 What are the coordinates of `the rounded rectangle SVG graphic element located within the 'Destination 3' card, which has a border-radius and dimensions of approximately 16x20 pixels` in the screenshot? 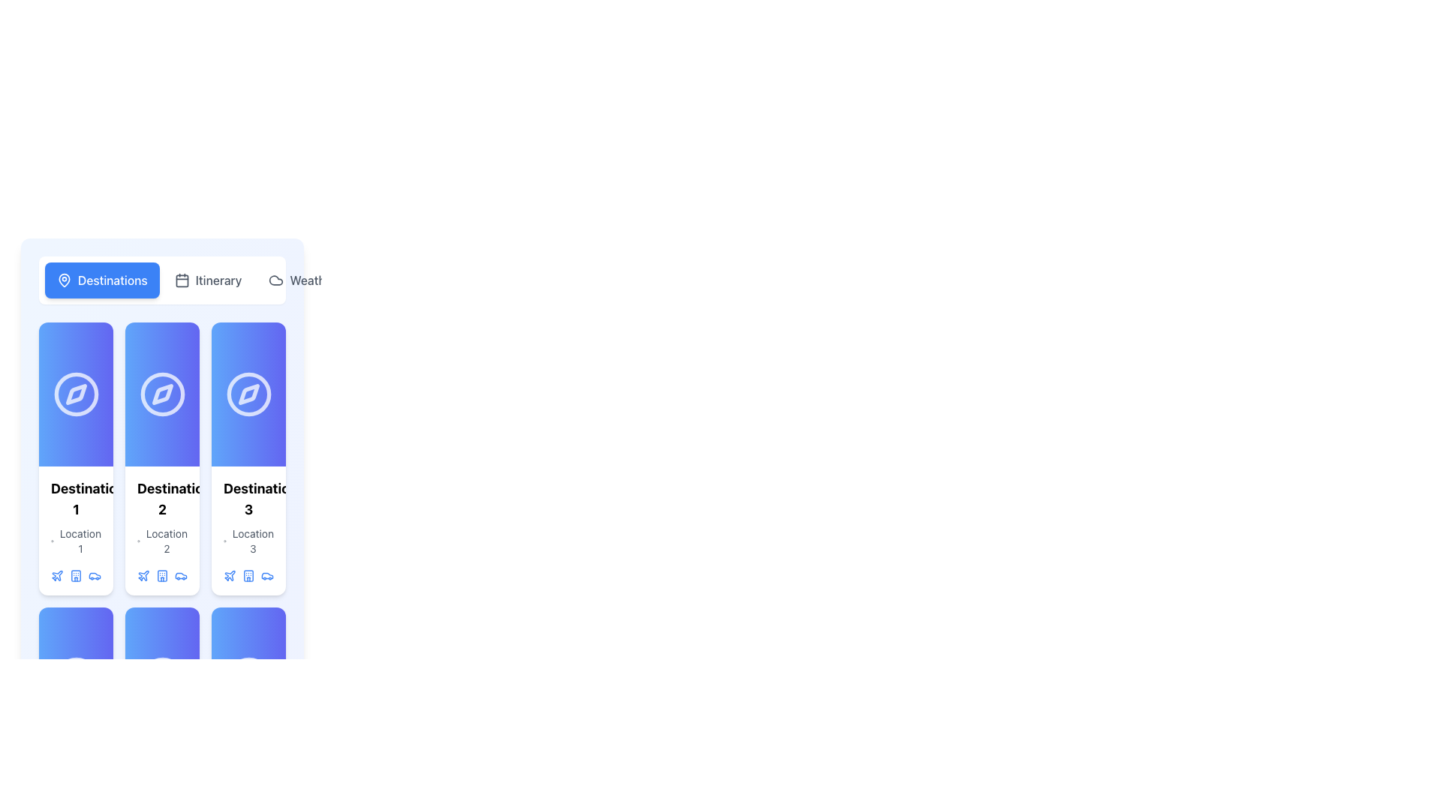 It's located at (248, 574).